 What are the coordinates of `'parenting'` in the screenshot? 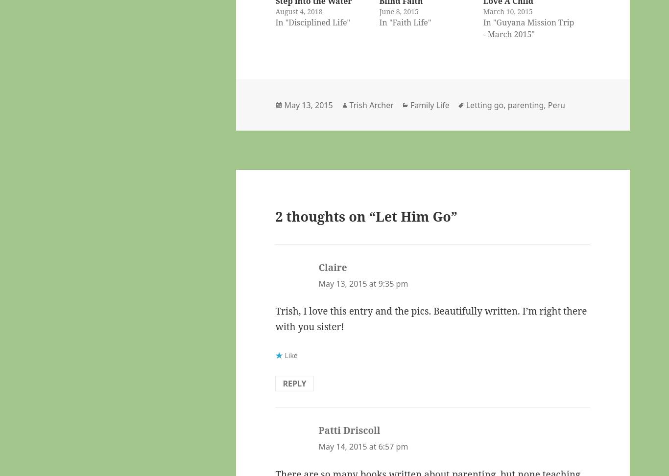 It's located at (525, 104).